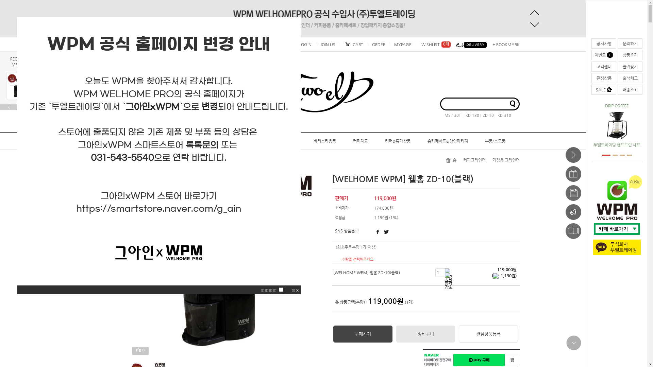  I want to click on ' MYPAGE', so click(390, 45).